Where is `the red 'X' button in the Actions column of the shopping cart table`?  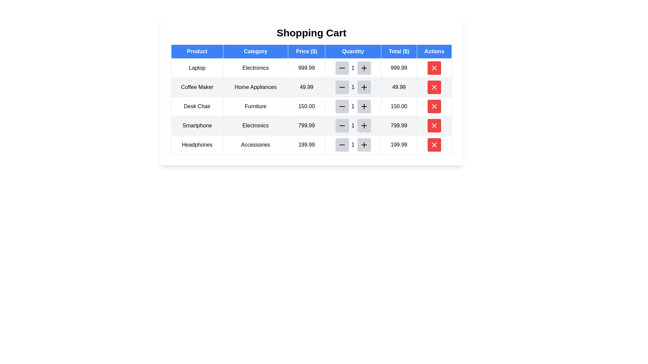
the red 'X' button in the Actions column of the shopping cart table is located at coordinates (434, 68).